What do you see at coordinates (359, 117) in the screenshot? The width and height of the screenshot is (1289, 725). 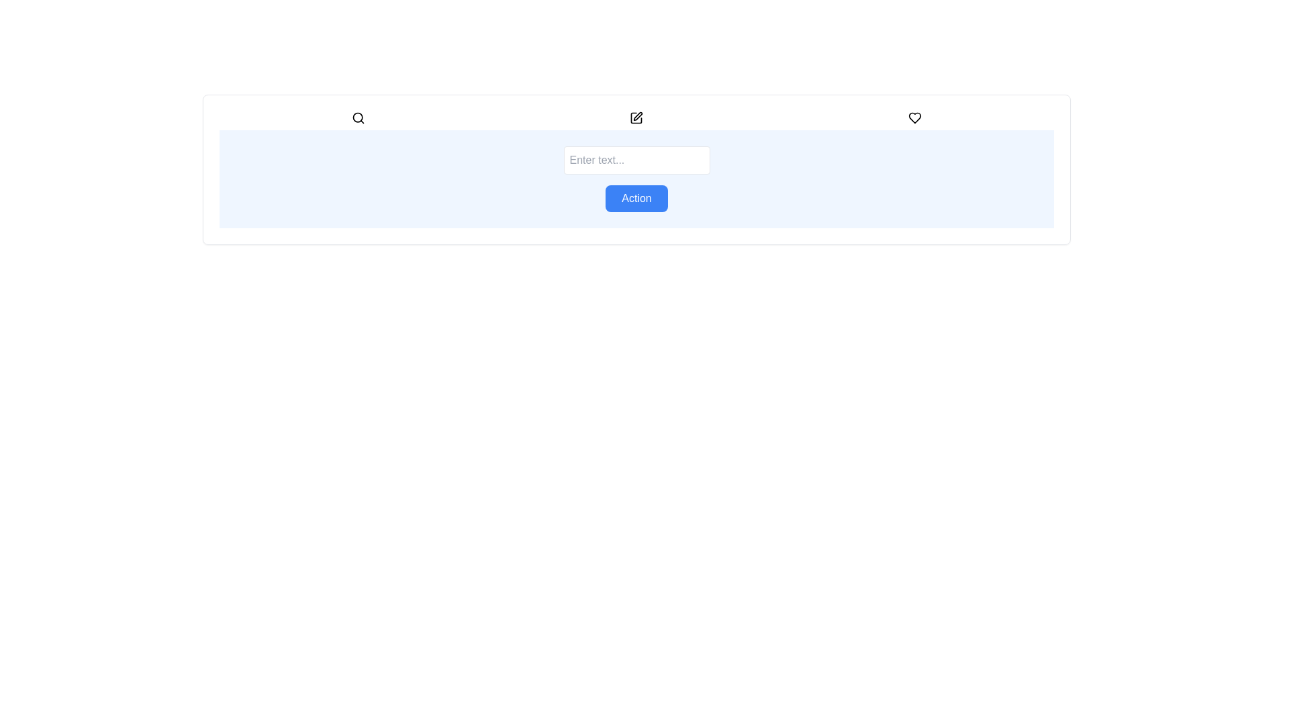 I see `the tab corresponding to Search` at bounding box center [359, 117].